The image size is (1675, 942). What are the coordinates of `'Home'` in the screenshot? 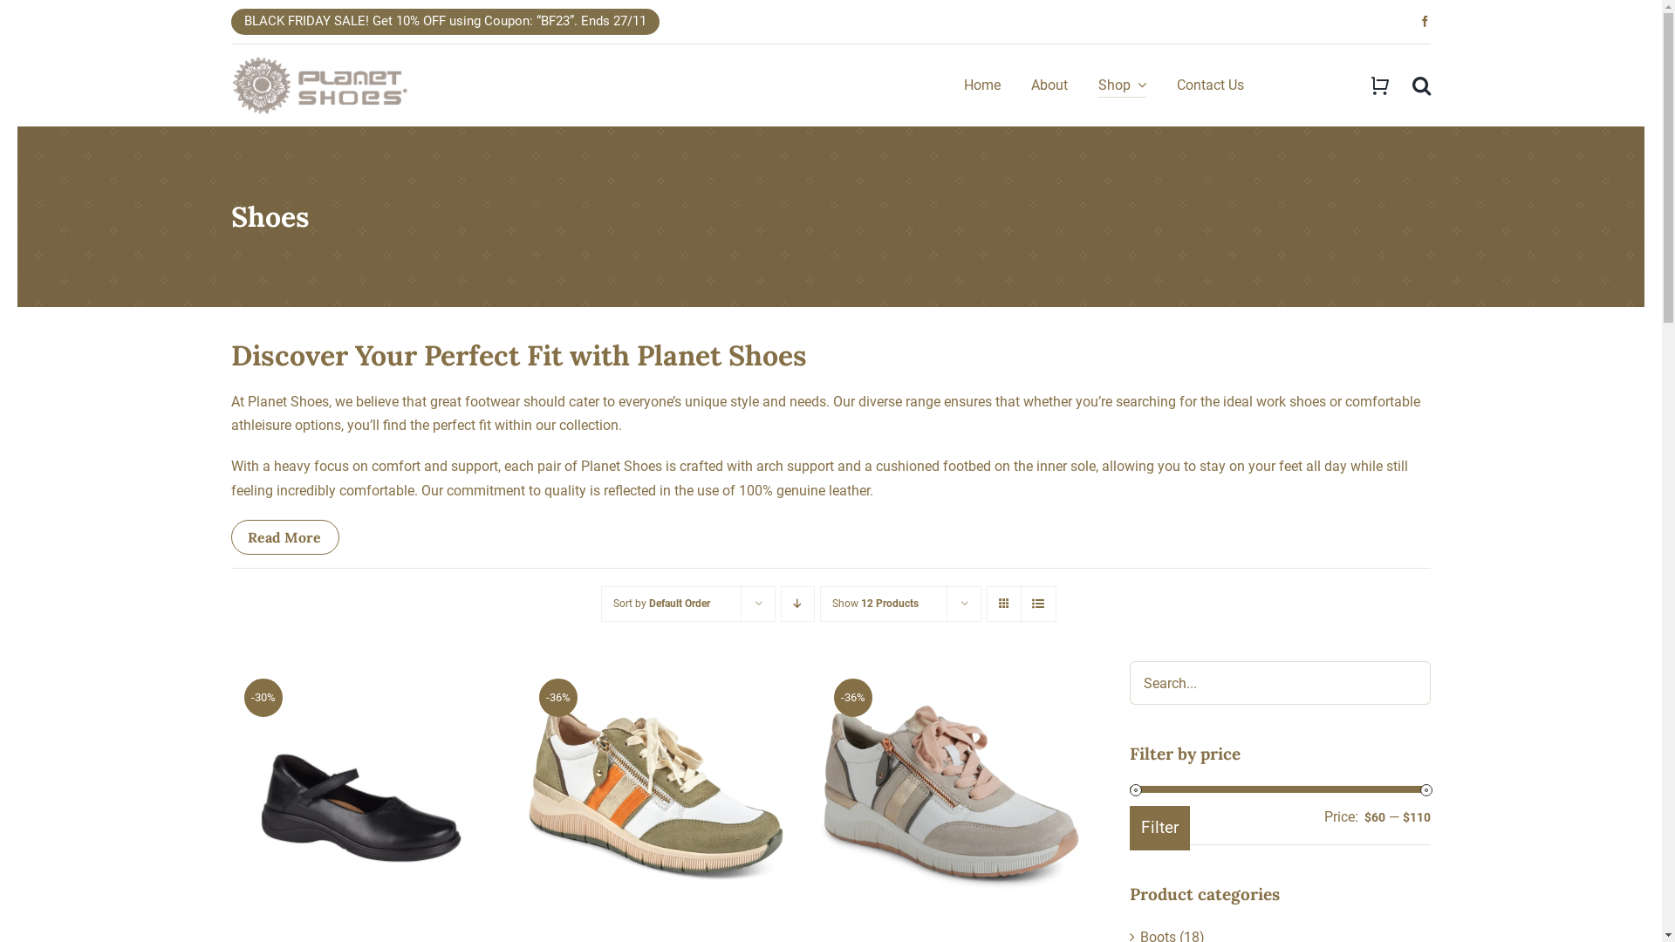 It's located at (962, 85).